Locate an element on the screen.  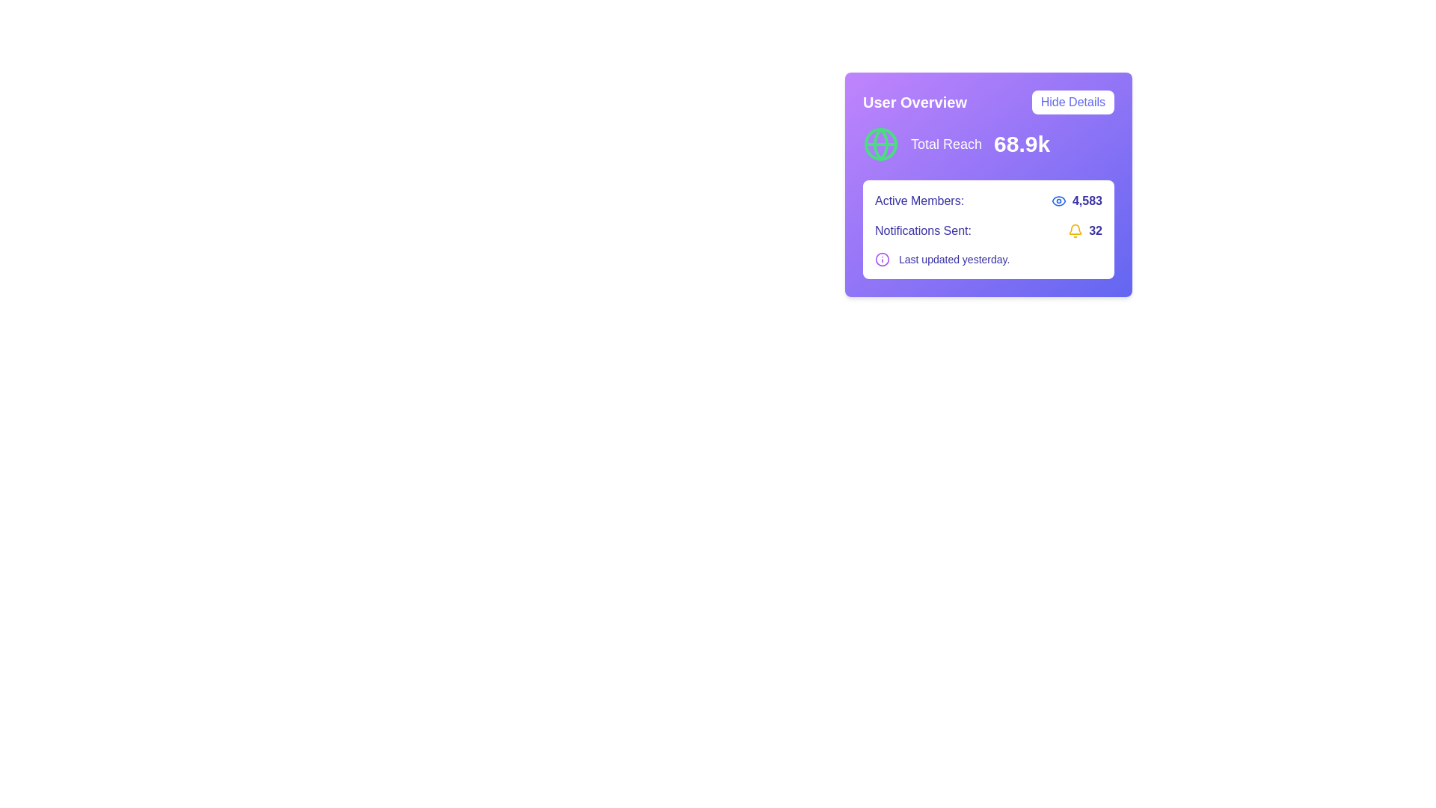
the static text label displaying the number of active members, which is located to the right of the eye icon in the 'Active Members:' row of the summary card is located at coordinates (1087, 201).